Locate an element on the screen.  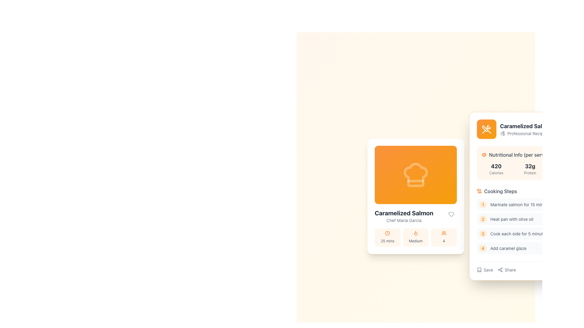
the text label that reads 'Cook each side for 5 minutes', which is styled with a small font size and gray color, positioned next to a circular icon with the number '3' is located at coordinates (519, 233).